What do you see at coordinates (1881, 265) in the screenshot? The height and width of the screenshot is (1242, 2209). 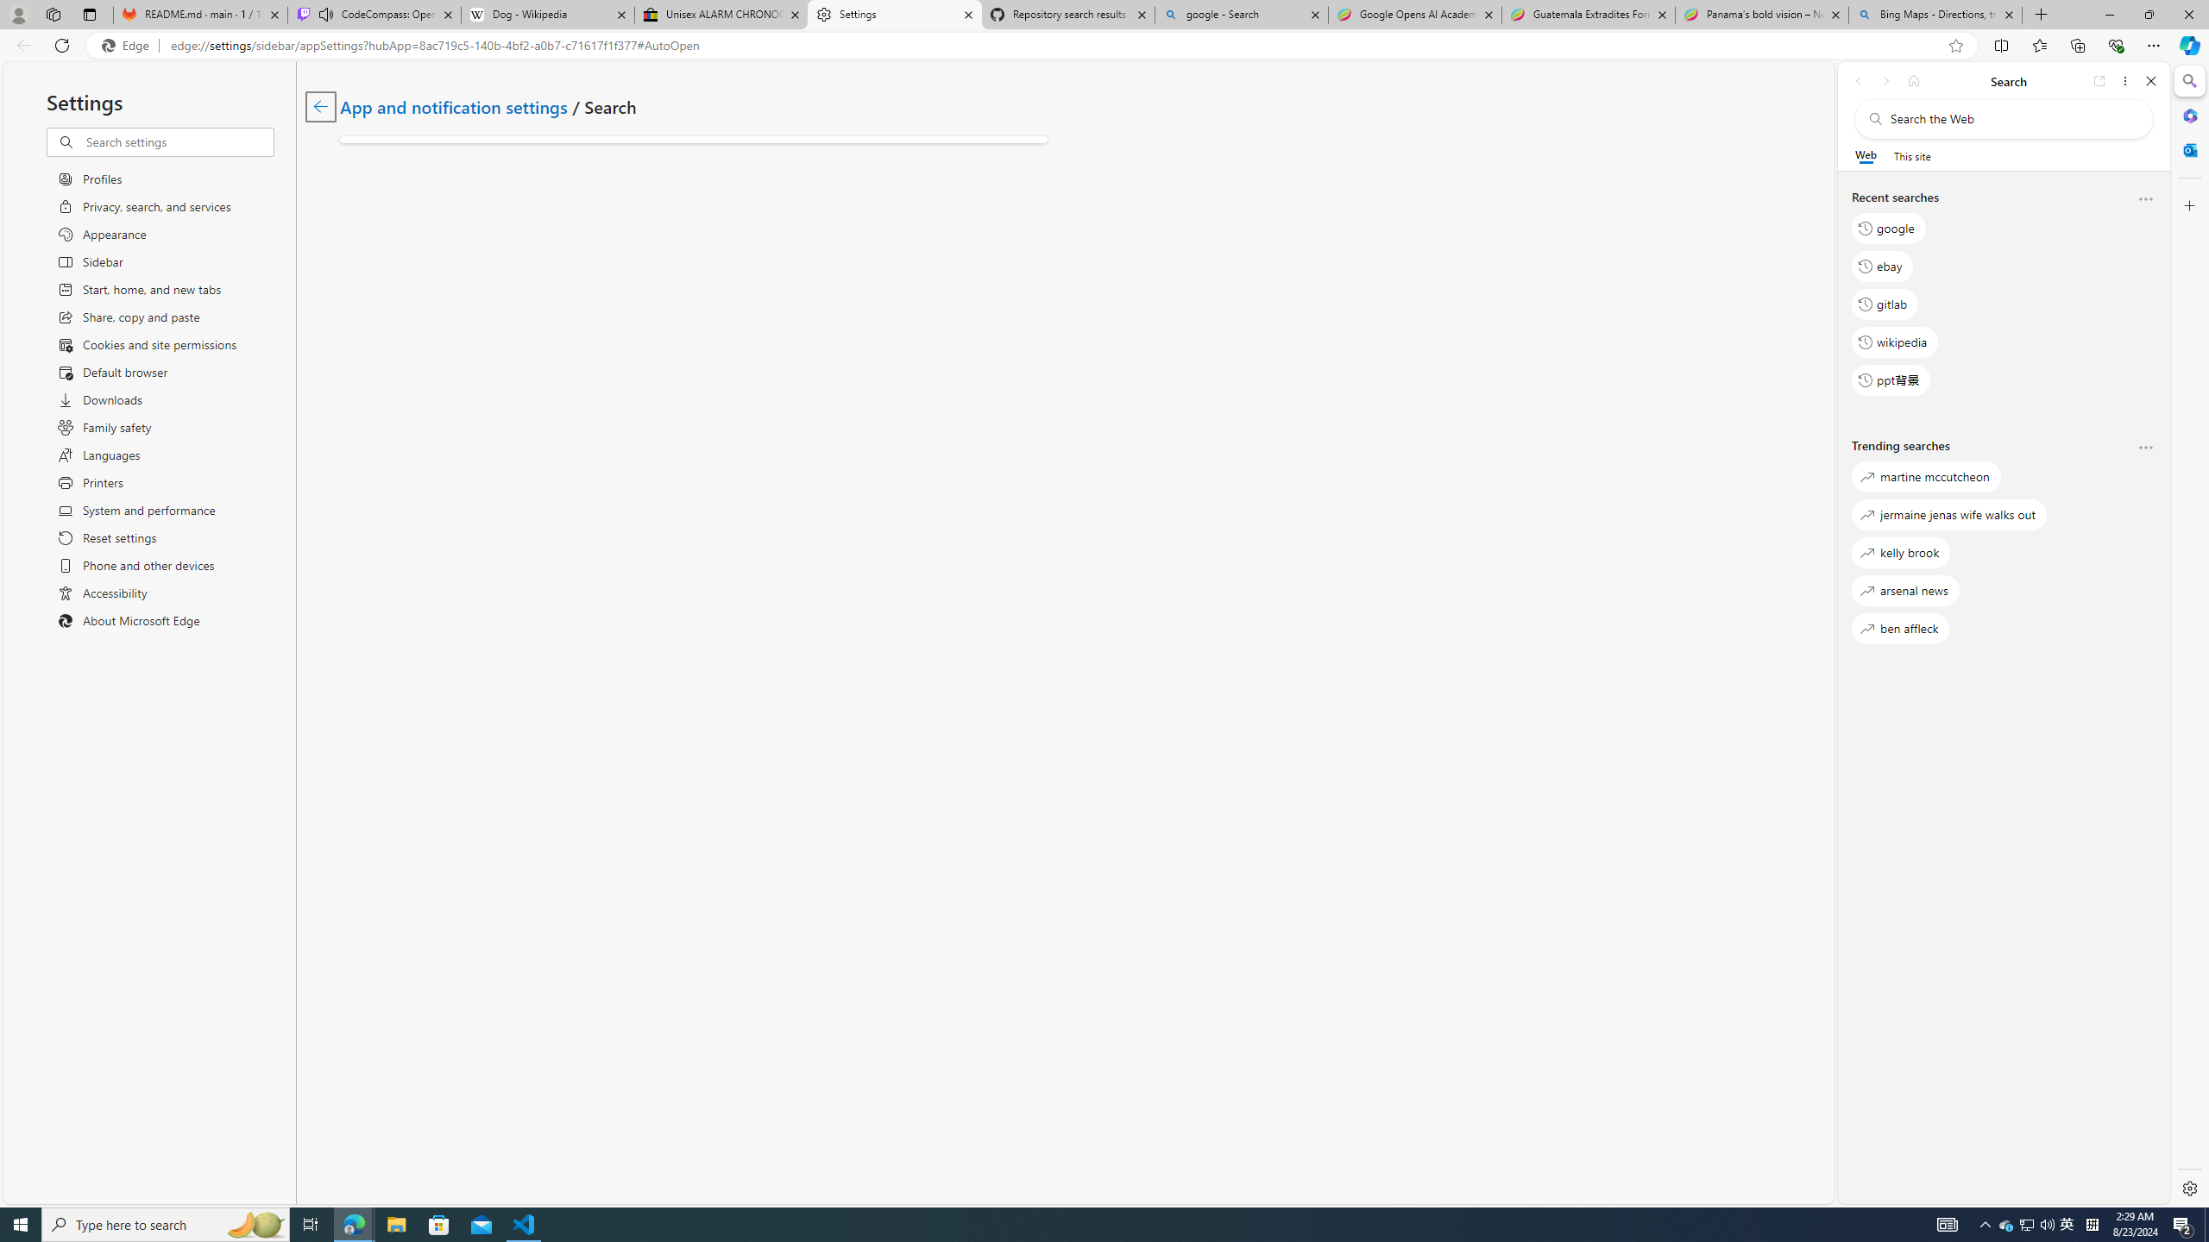 I see `'ebay'` at bounding box center [1881, 265].